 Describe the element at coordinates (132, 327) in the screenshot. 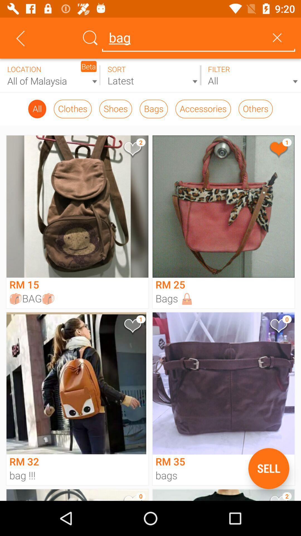

I see `my favorite model` at that location.